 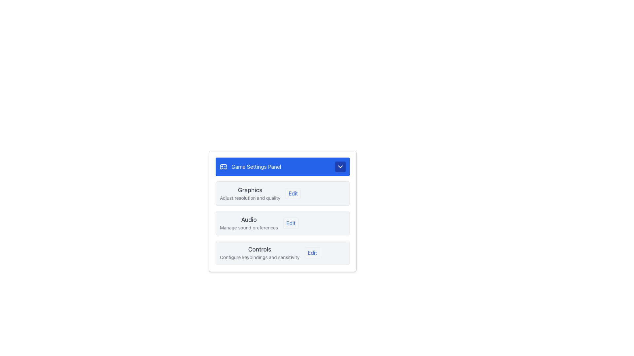 What do you see at coordinates (250, 198) in the screenshot?
I see `the descriptive text label providing additional information about the 'Graphics' settings, located below the 'Graphics' header in the settings panel` at bounding box center [250, 198].